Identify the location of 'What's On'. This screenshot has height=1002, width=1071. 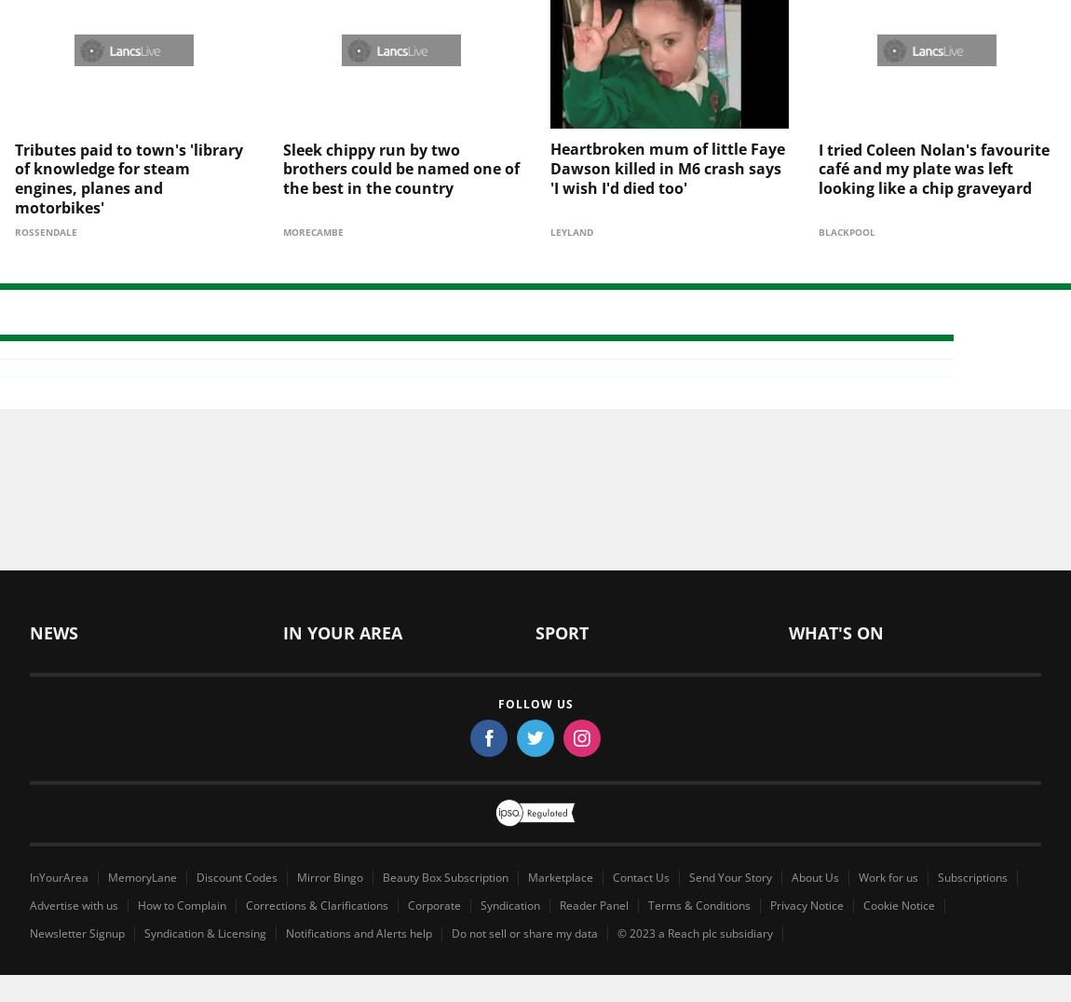
(835, 601).